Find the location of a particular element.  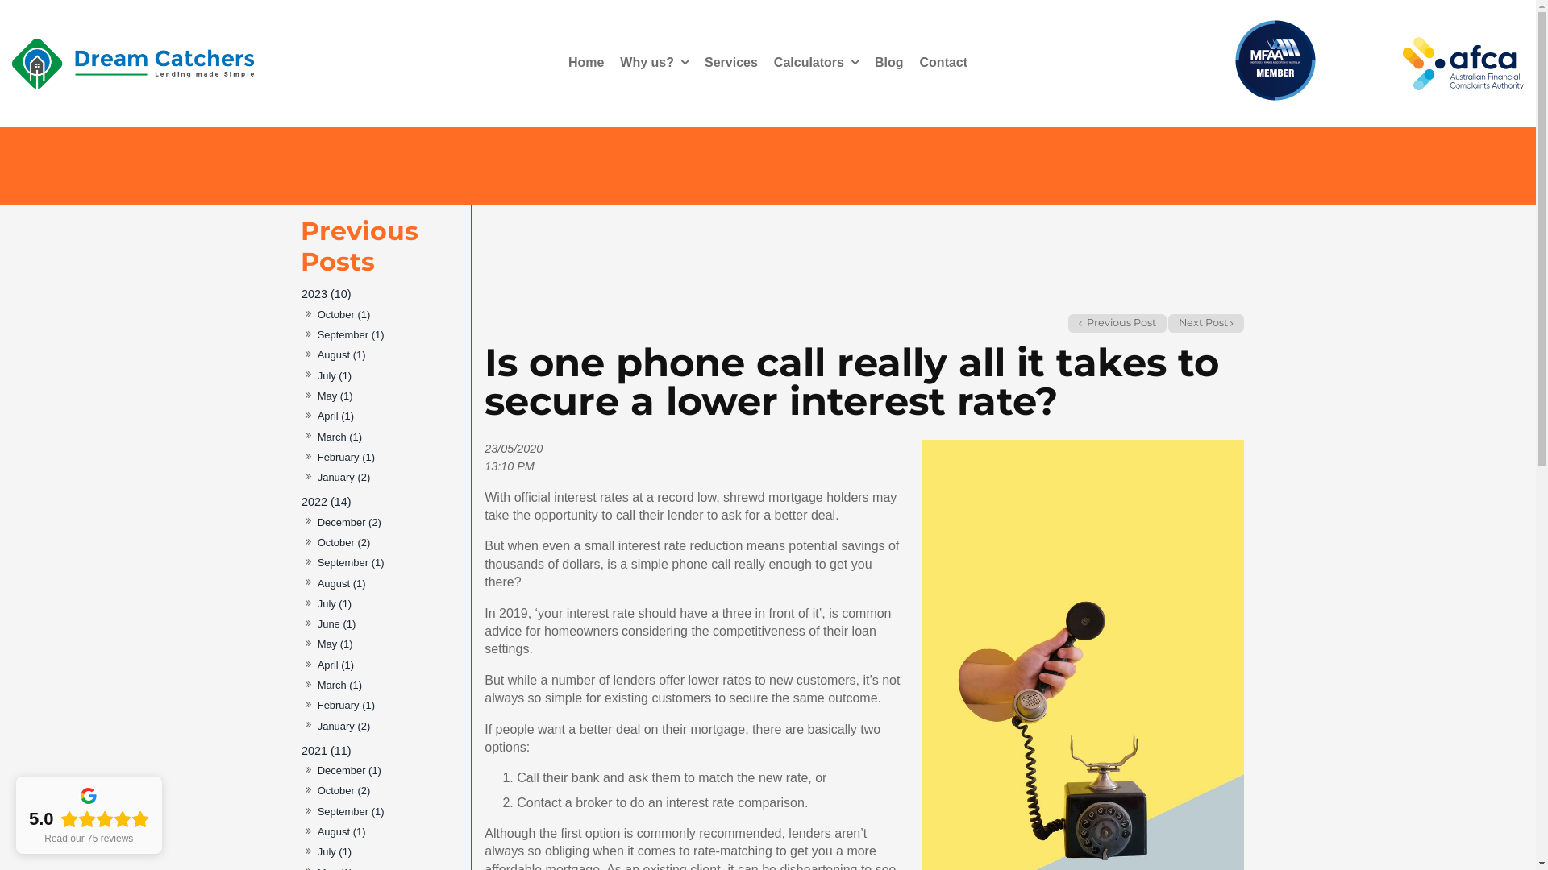

'March (1)' is located at coordinates (339, 686).